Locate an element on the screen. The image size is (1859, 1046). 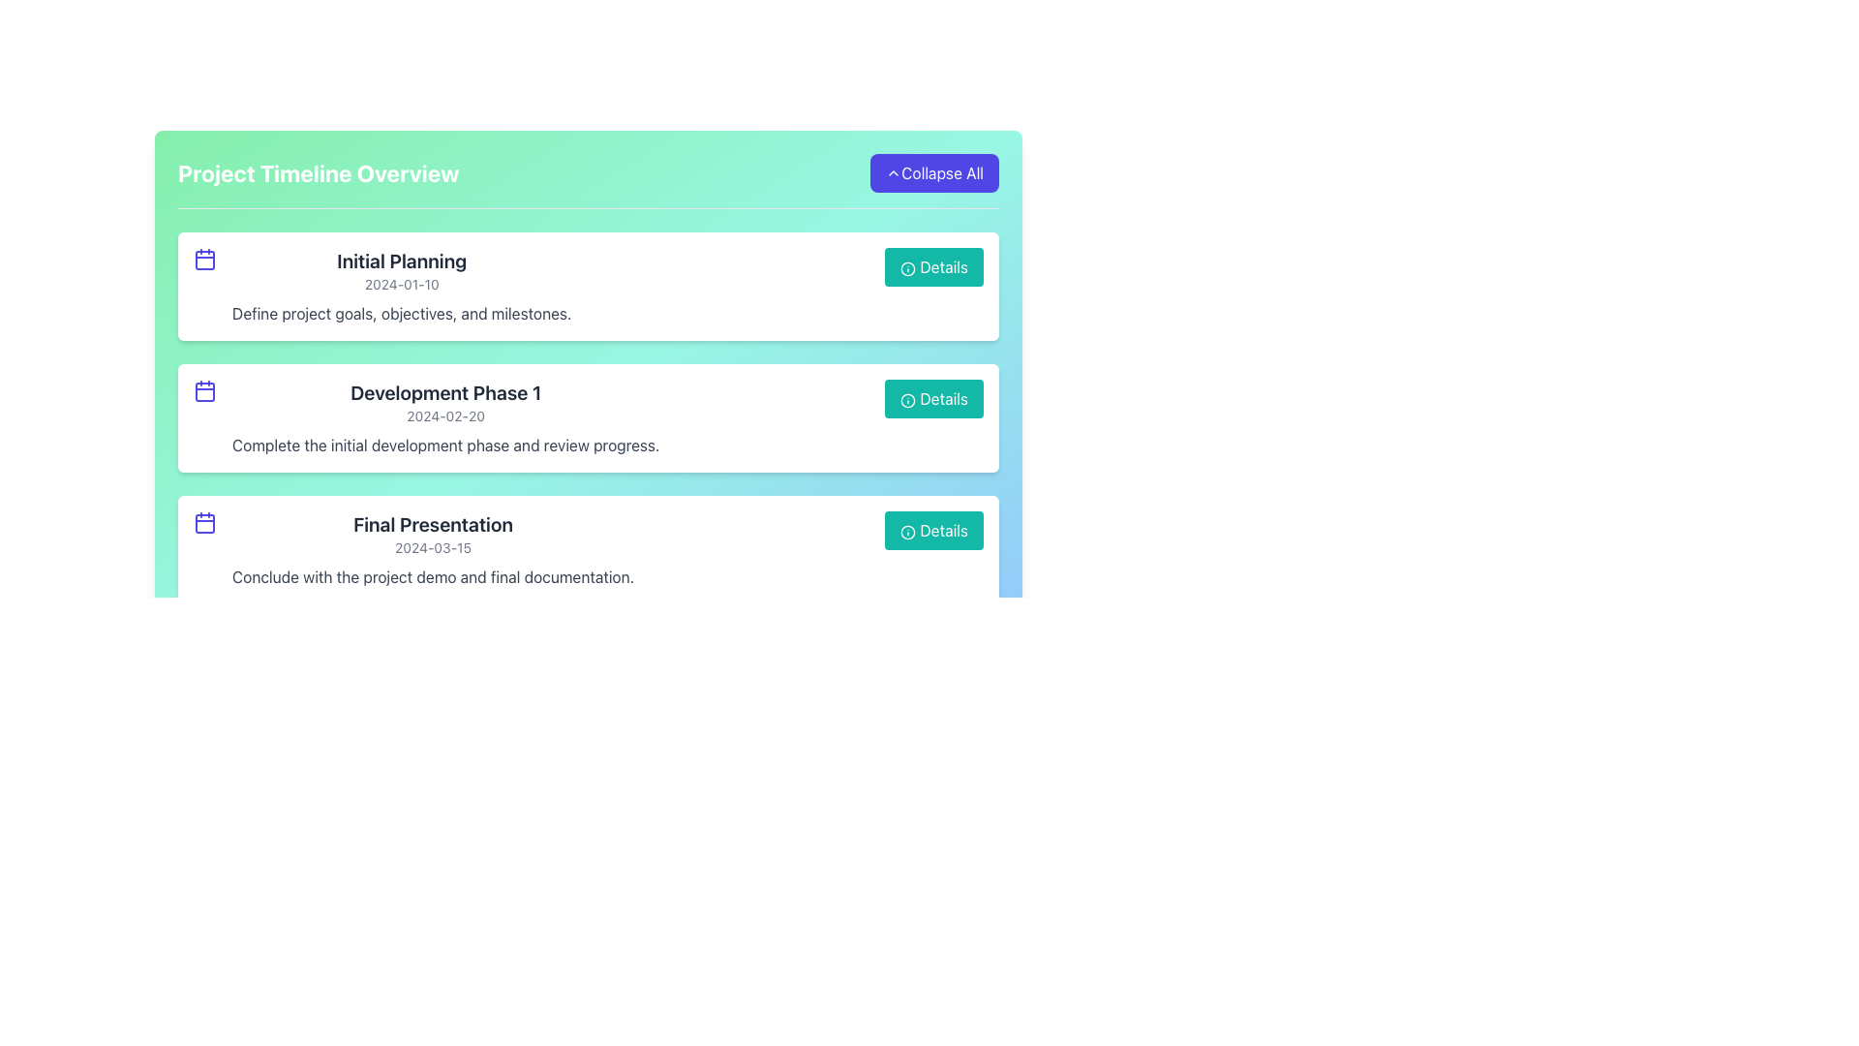
the Card component representing a project timeline item, which is the third in the vertical list and contains a 'Details' button is located at coordinates (588, 549).